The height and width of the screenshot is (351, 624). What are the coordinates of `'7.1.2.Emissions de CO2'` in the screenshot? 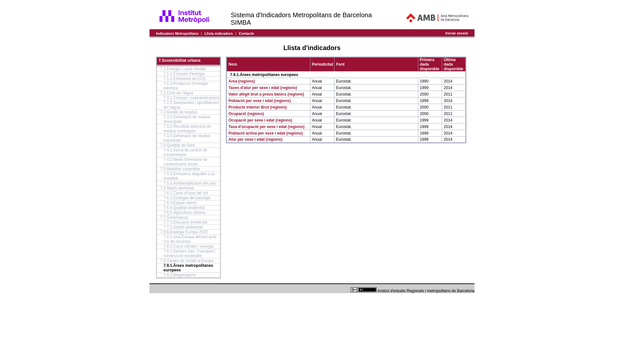 It's located at (184, 78).